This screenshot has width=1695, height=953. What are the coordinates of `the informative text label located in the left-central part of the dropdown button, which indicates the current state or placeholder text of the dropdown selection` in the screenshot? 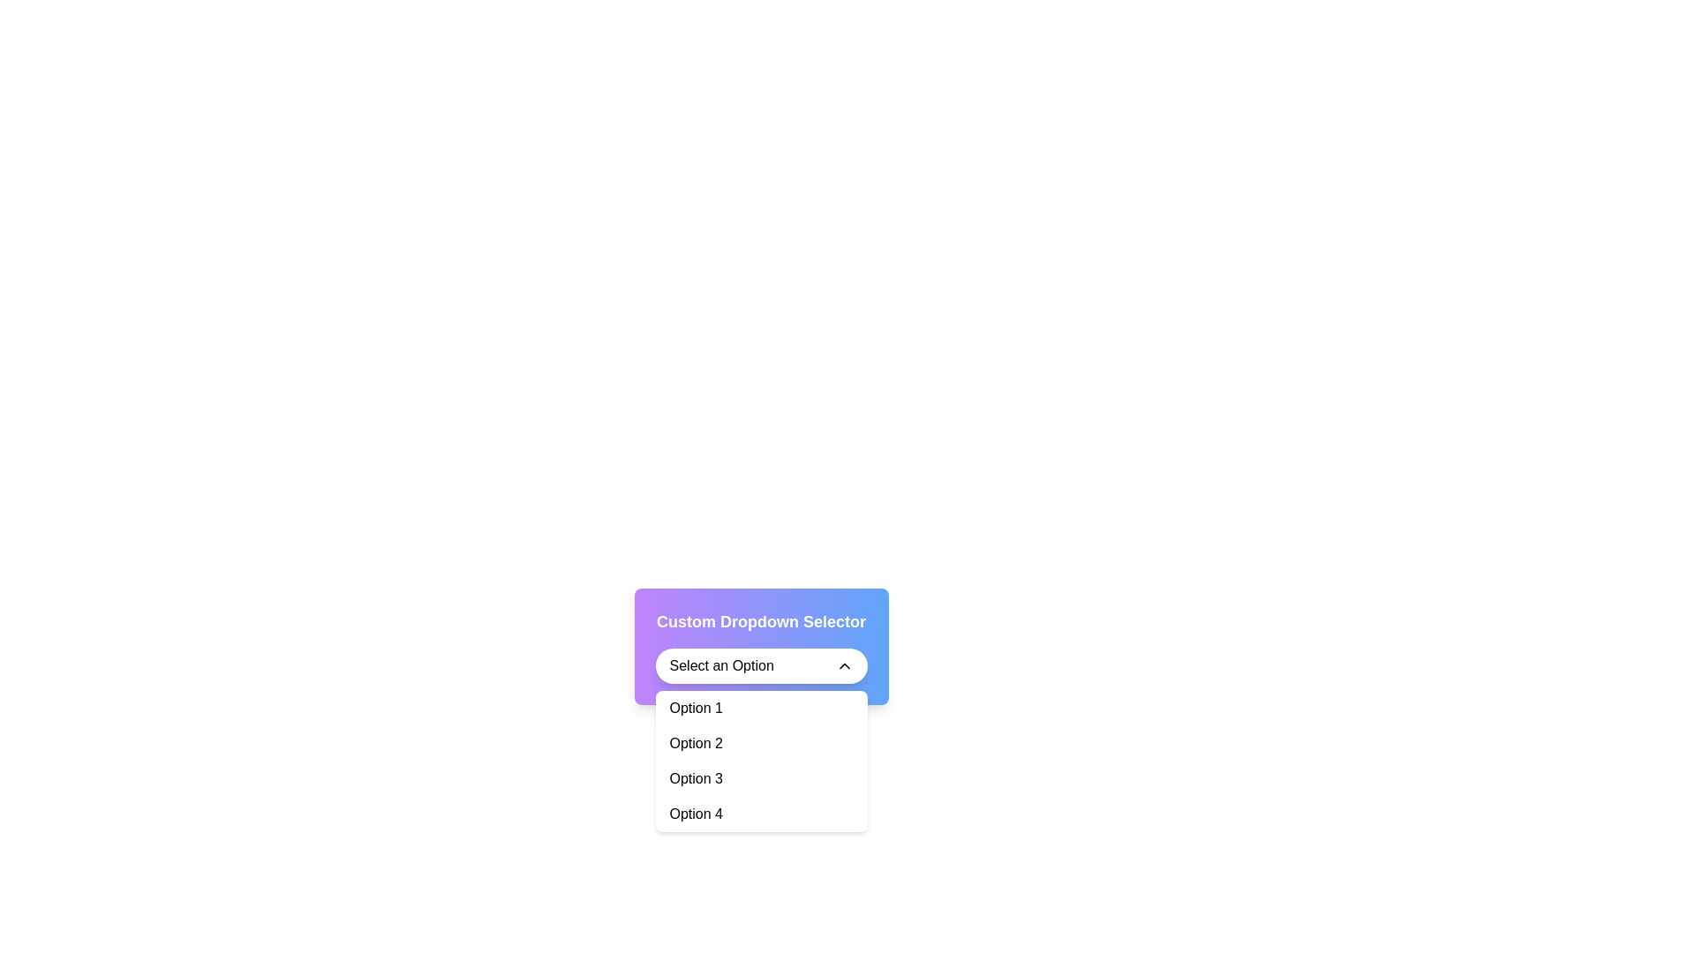 It's located at (721, 666).